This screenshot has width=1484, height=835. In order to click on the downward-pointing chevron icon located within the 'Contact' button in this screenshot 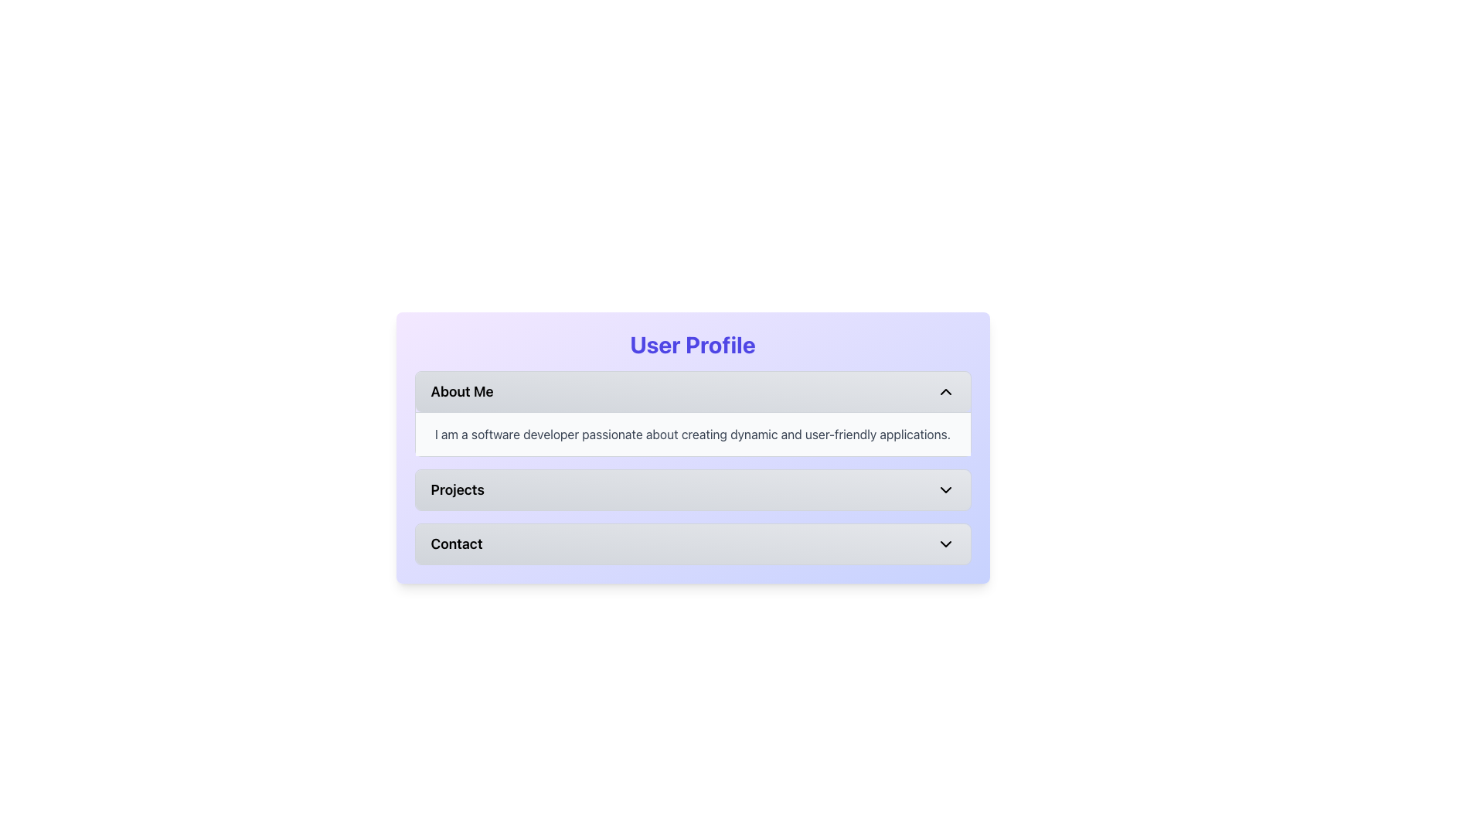, I will do `click(945, 544)`.